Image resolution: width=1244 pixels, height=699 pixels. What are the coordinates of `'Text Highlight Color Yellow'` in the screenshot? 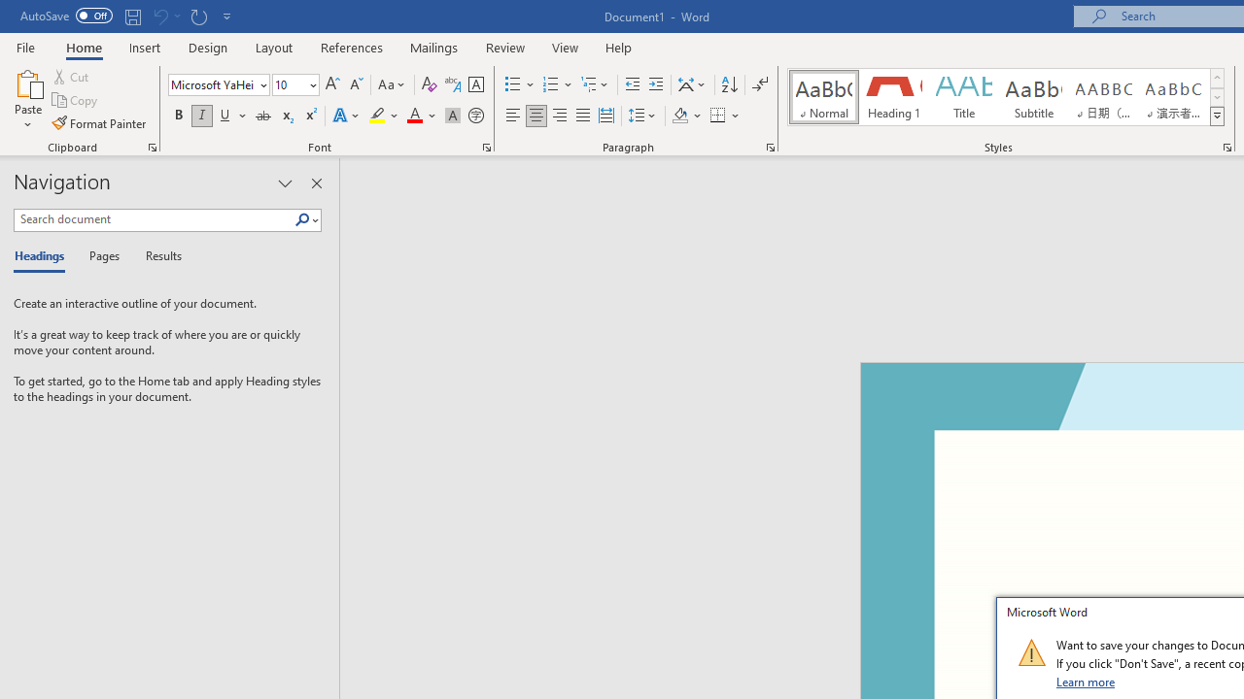 It's located at (377, 116).